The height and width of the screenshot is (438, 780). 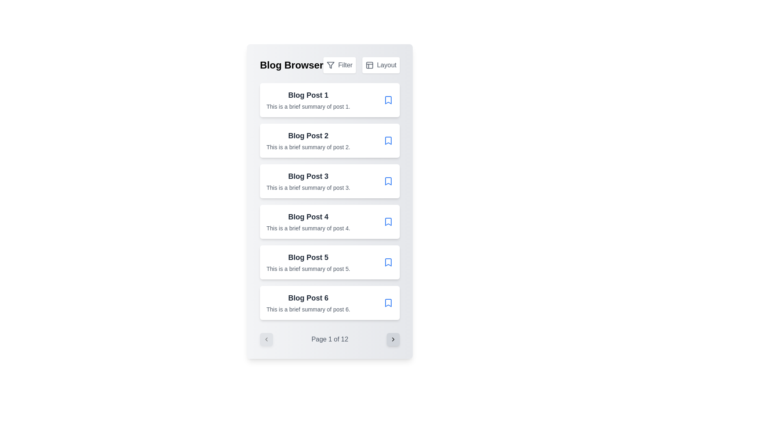 What do you see at coordinates (386, 65) in the screenshot?
I see `the 'Layout' text label in the top-right section of the interface, which is dark gray and aligned with other buttons` at bounding box center [386, 65].